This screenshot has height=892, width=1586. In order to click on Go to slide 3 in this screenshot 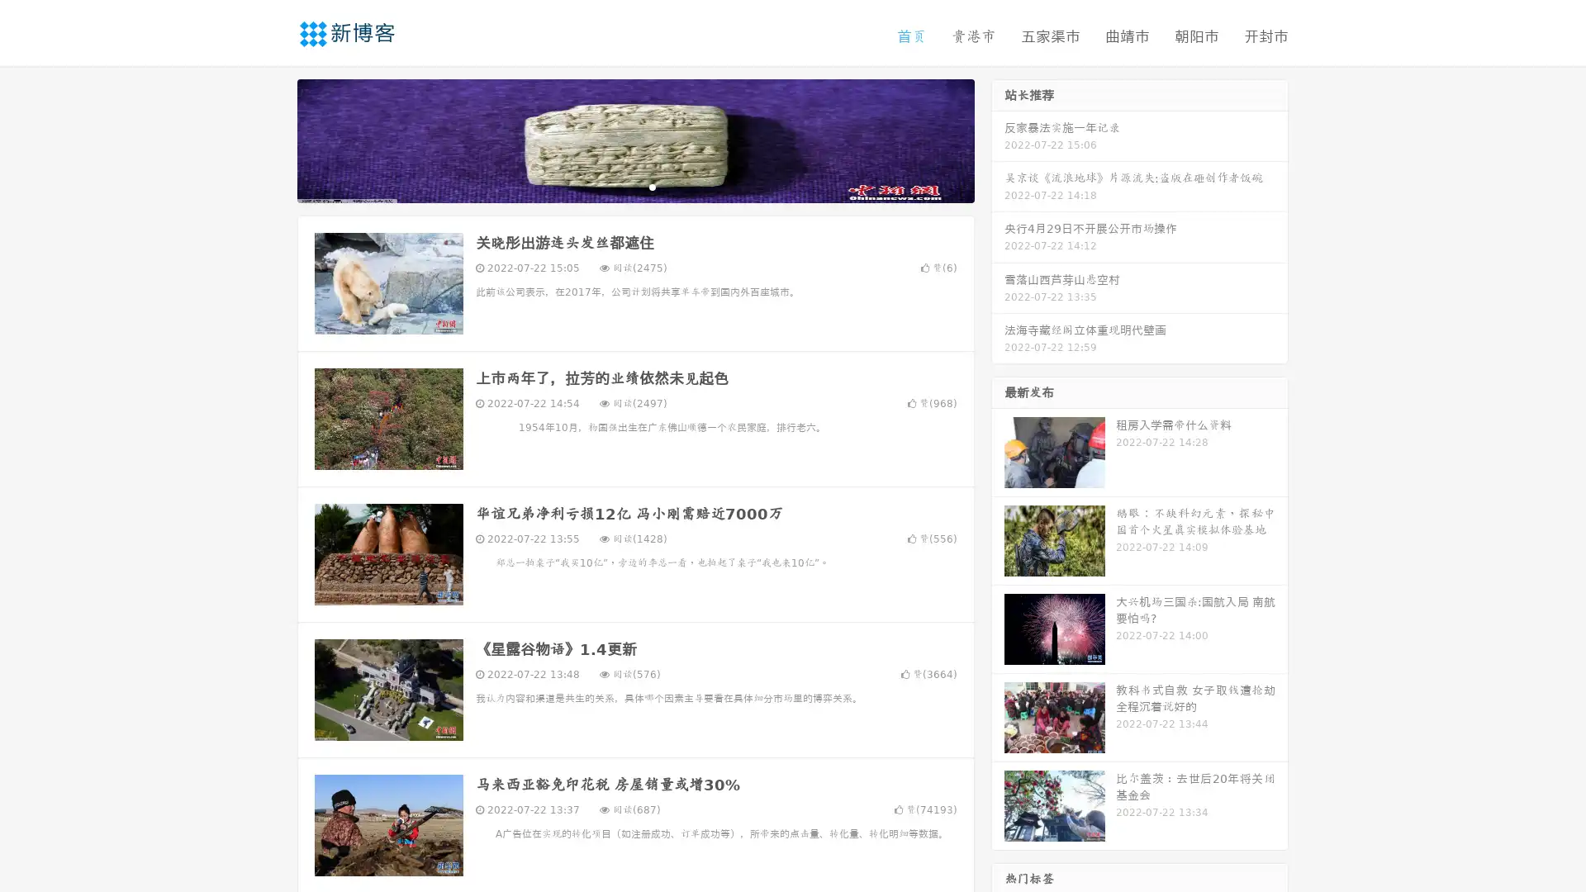, I will do `click(652, 186)`.